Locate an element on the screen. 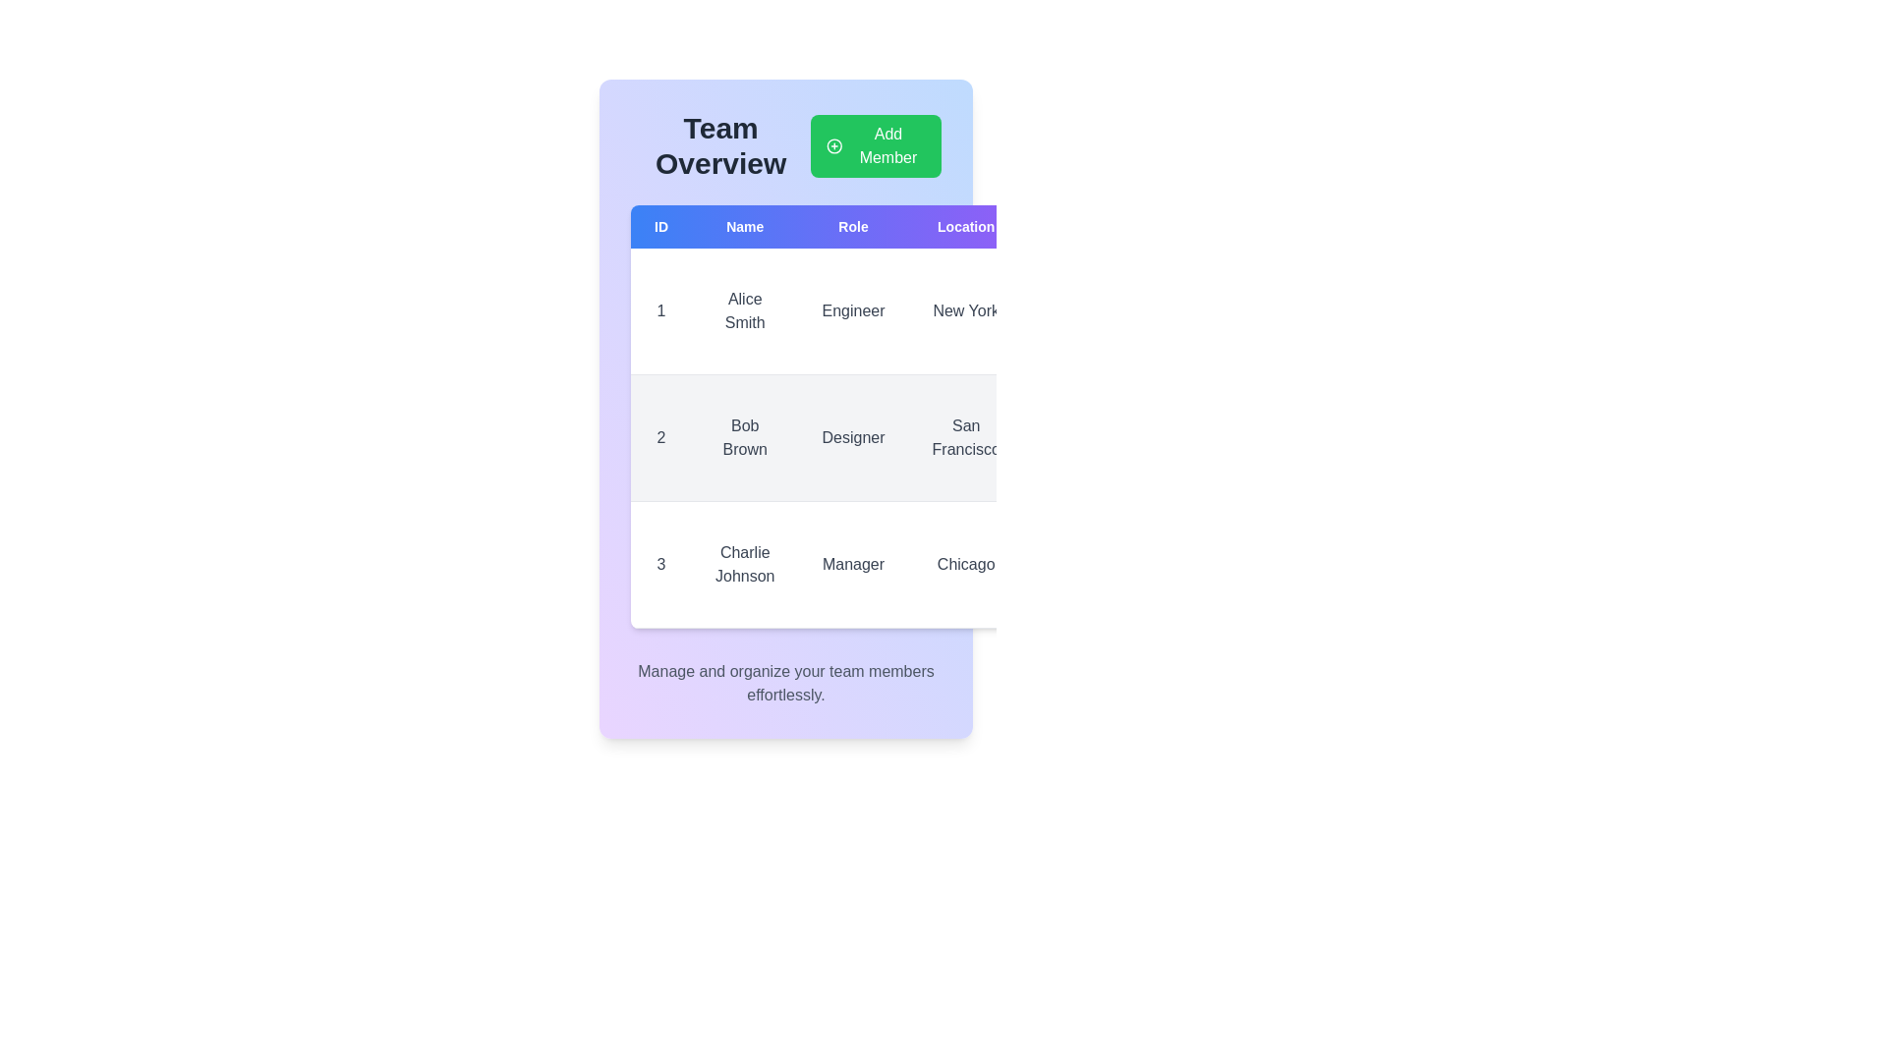  the first row of the table displaying information about 'Alice Smith', an Engineer from New York is located at coordinates (875, 310).